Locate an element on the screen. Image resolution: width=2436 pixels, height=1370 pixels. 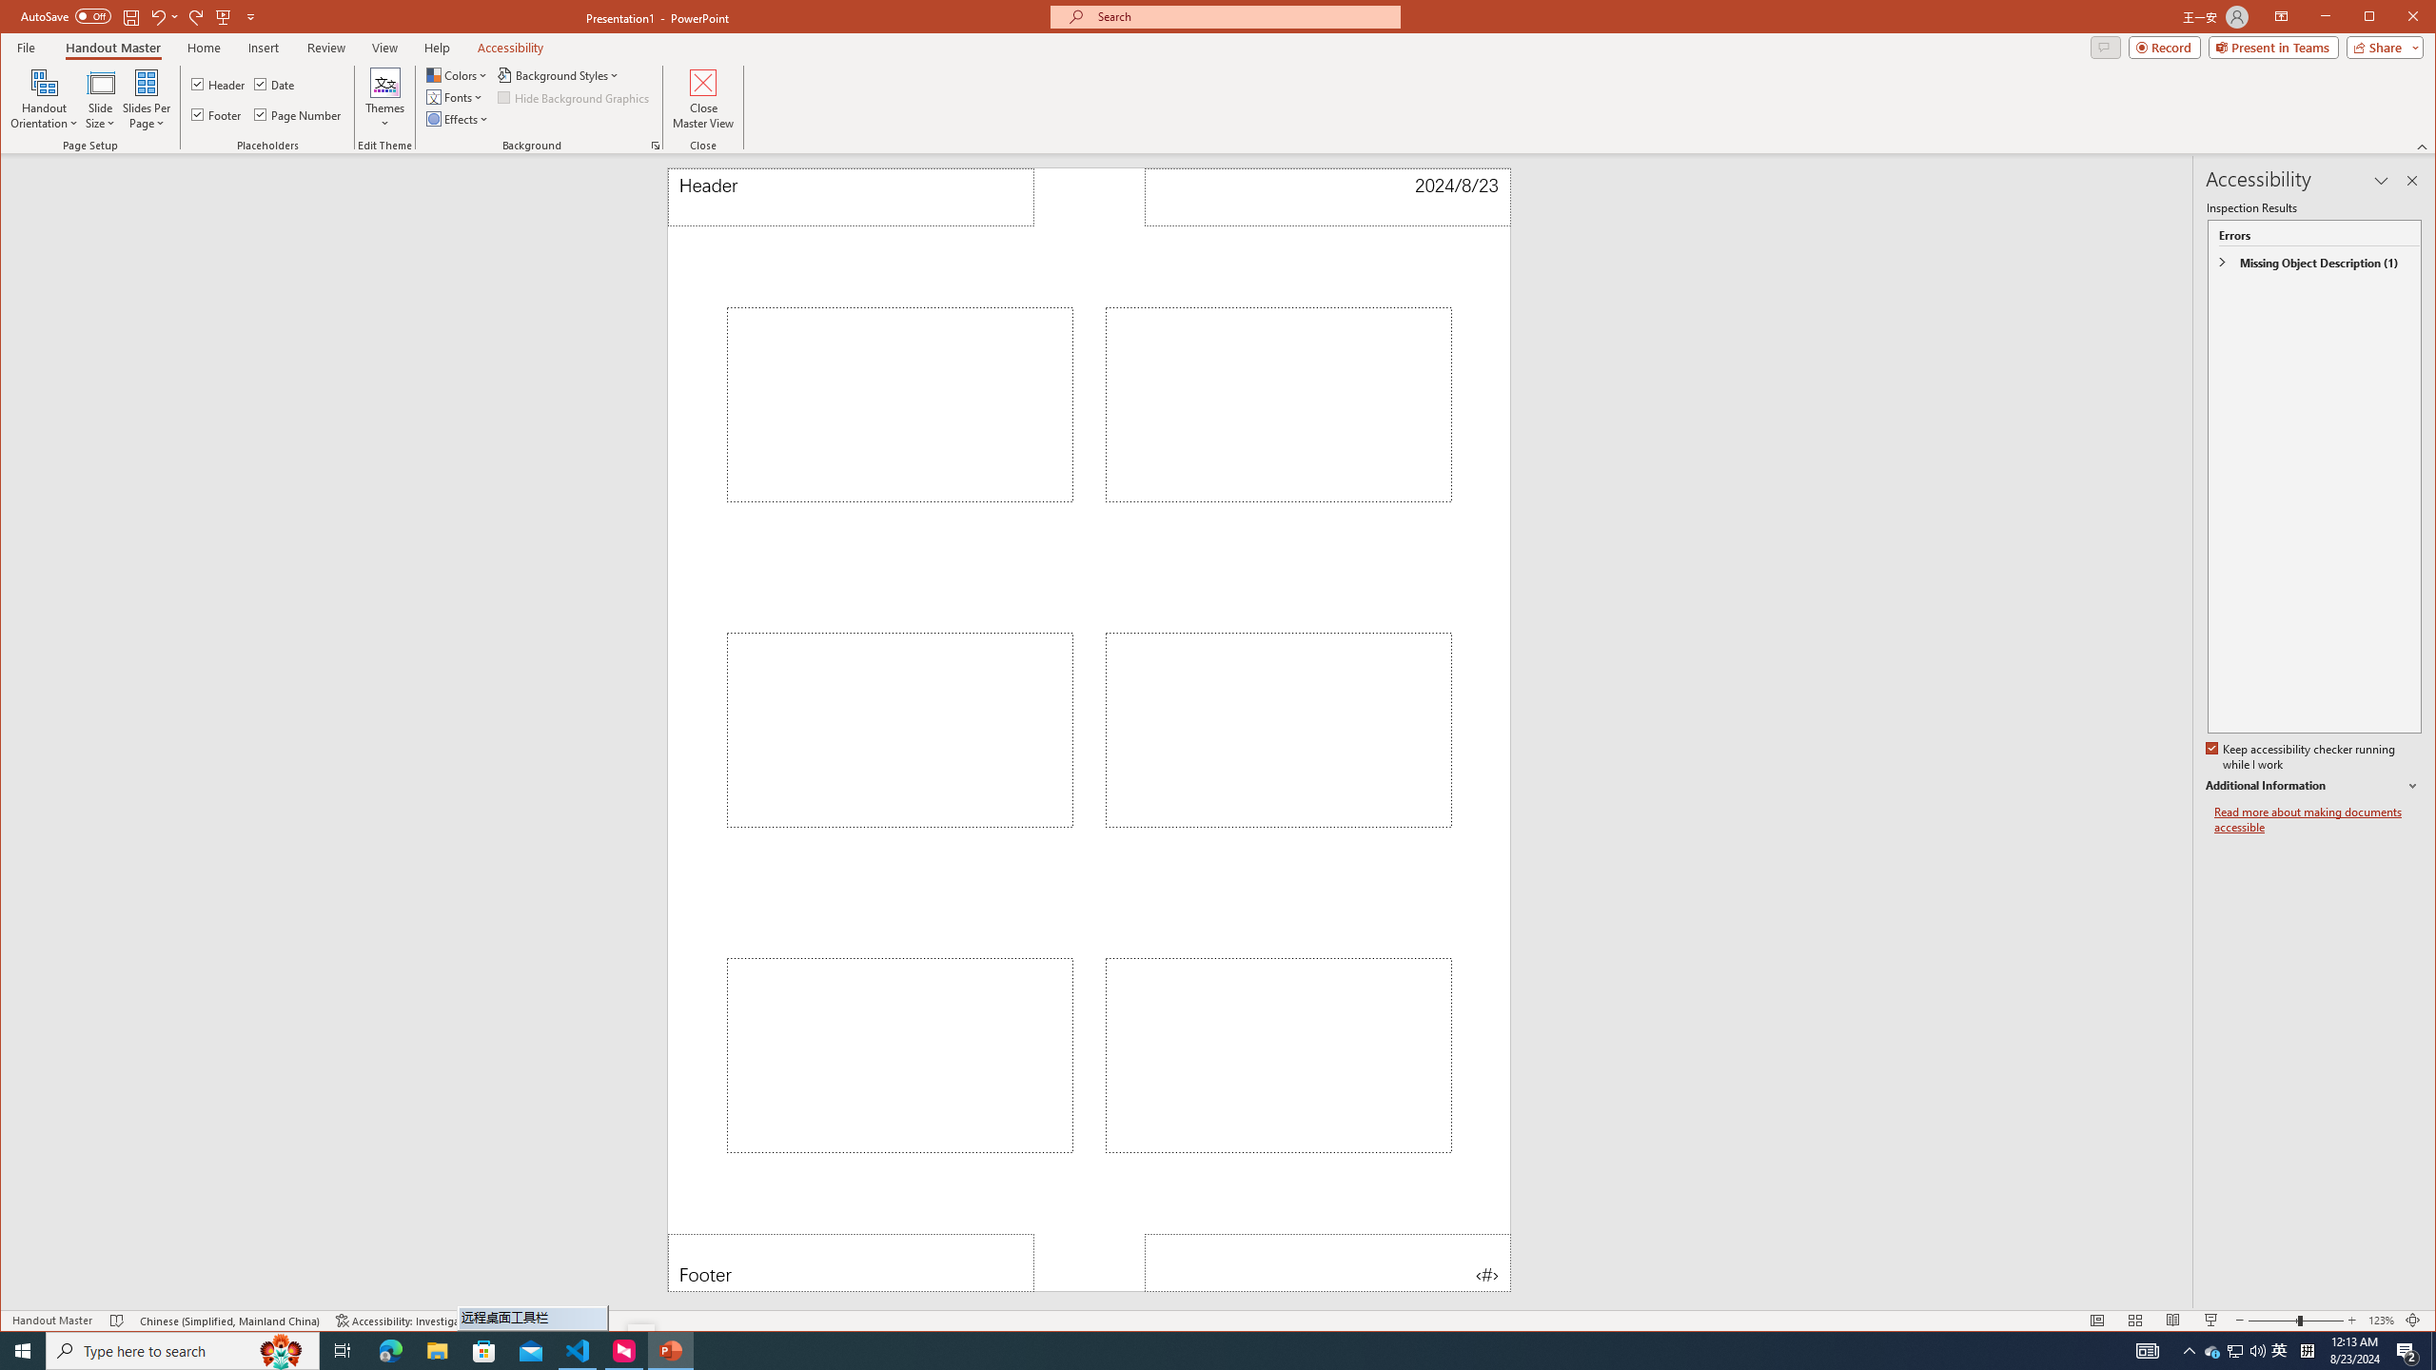
'Microsoft Store' is located at coordinates (484, 1349).